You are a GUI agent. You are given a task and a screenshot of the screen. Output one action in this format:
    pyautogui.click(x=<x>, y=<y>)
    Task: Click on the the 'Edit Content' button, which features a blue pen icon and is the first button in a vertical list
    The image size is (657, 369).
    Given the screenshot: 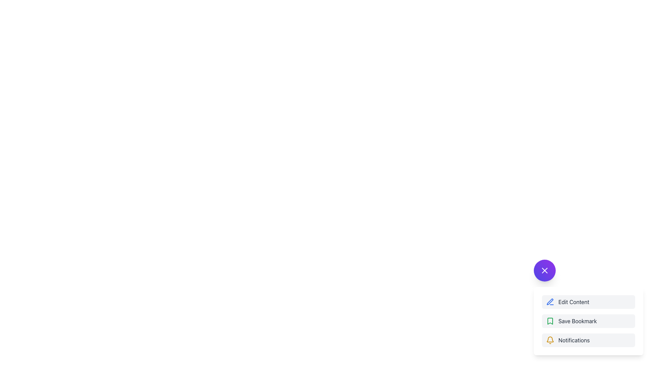 What is the action you would take?
    pyautogui.click(x=588, y=307)
    